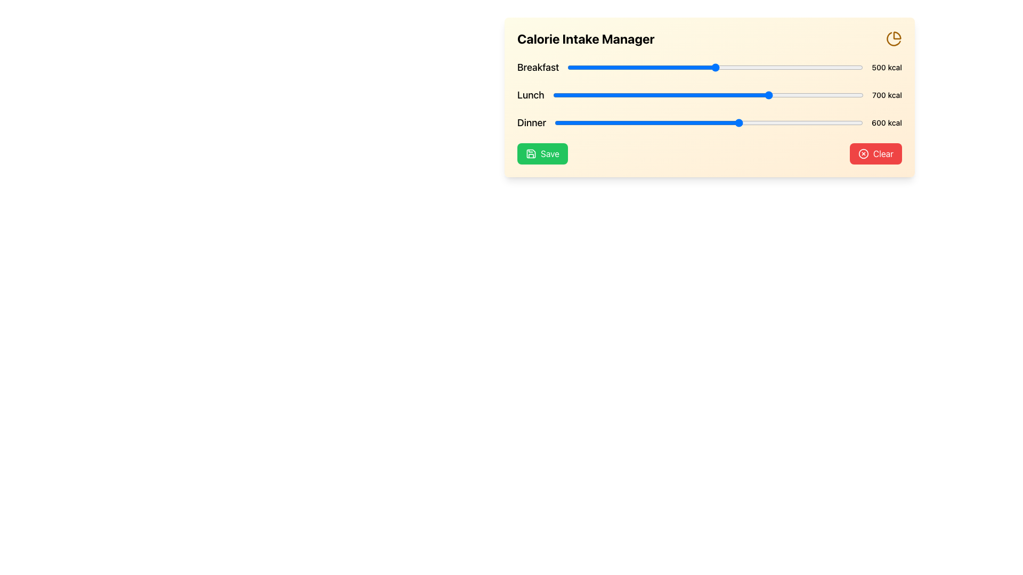 This screenshot has width=1023, height=575. Describe the element at coordinates (756, 122) in the screenshot. I see `Dinner kcal` at that location.